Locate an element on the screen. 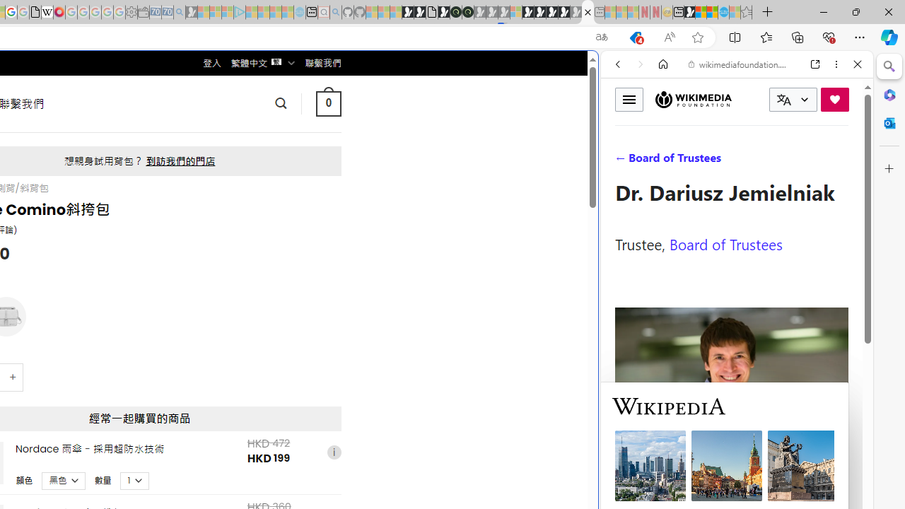 Image resolution: width=905 pixels, height=509 pixels. '+' is located at coordinates (13, 376).